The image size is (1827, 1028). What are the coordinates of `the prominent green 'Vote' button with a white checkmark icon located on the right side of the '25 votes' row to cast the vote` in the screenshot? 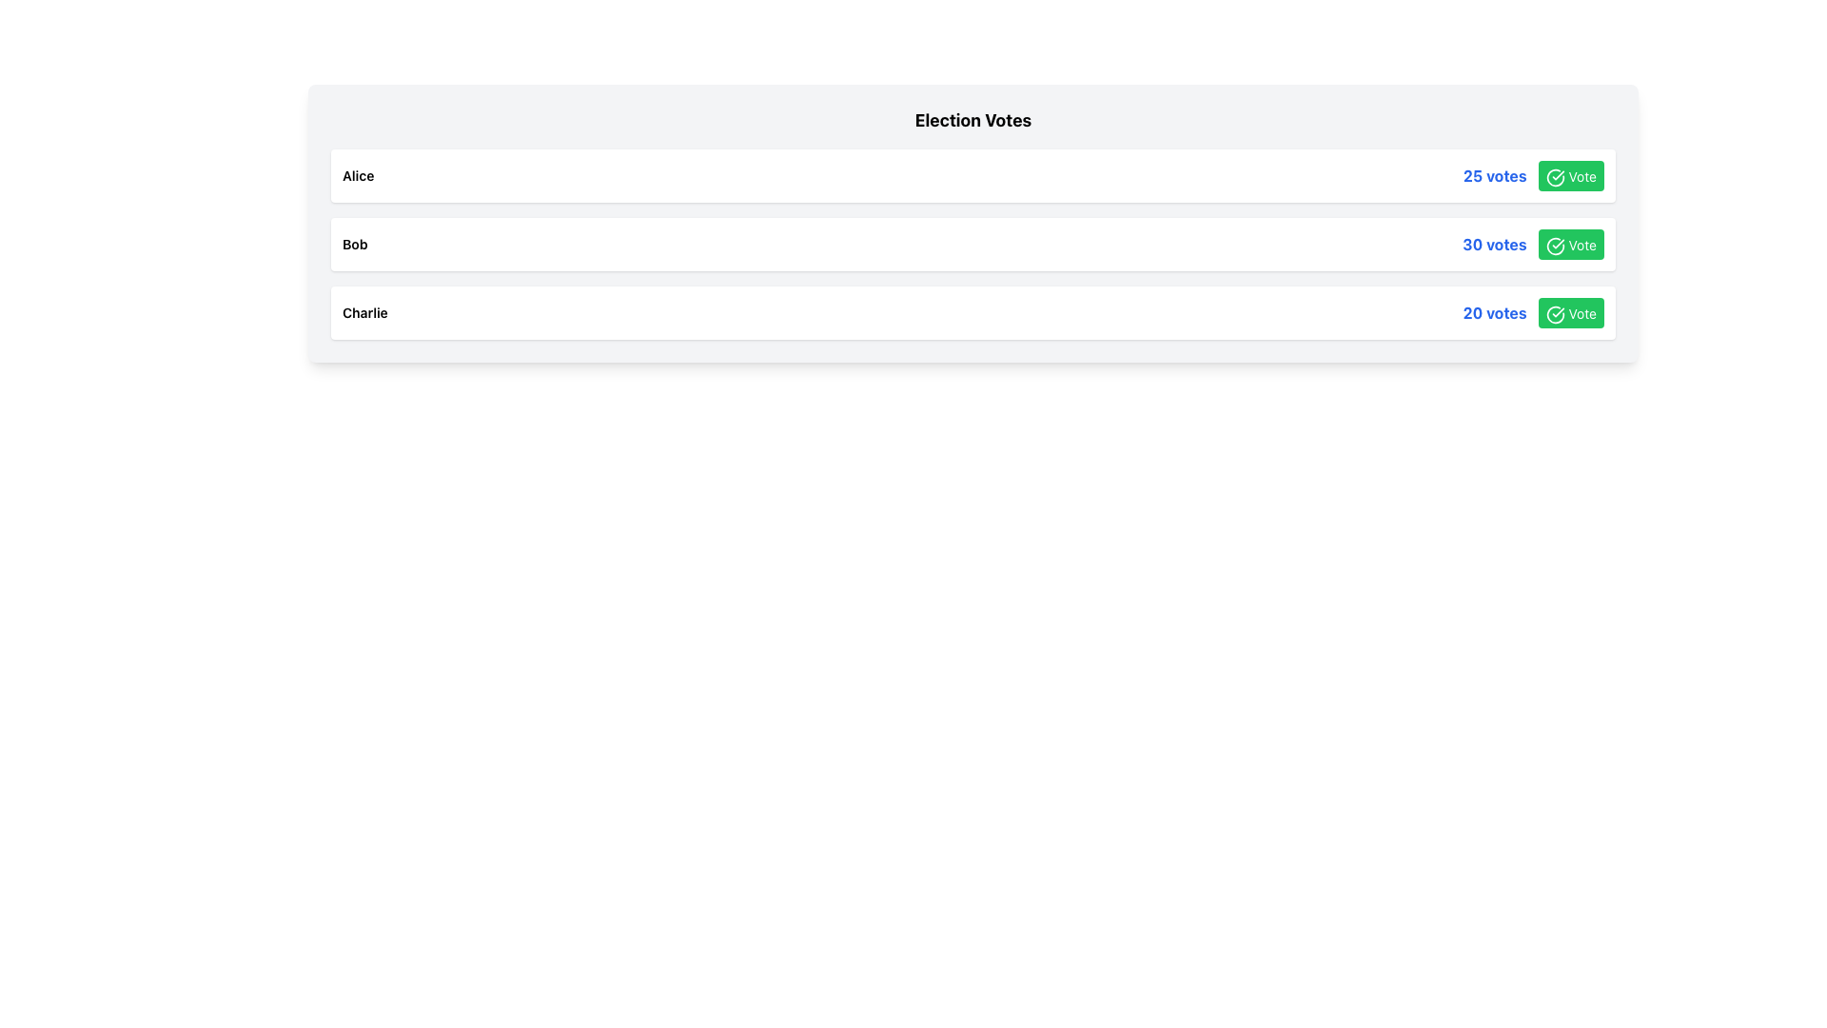 It's located at (1571, 176).